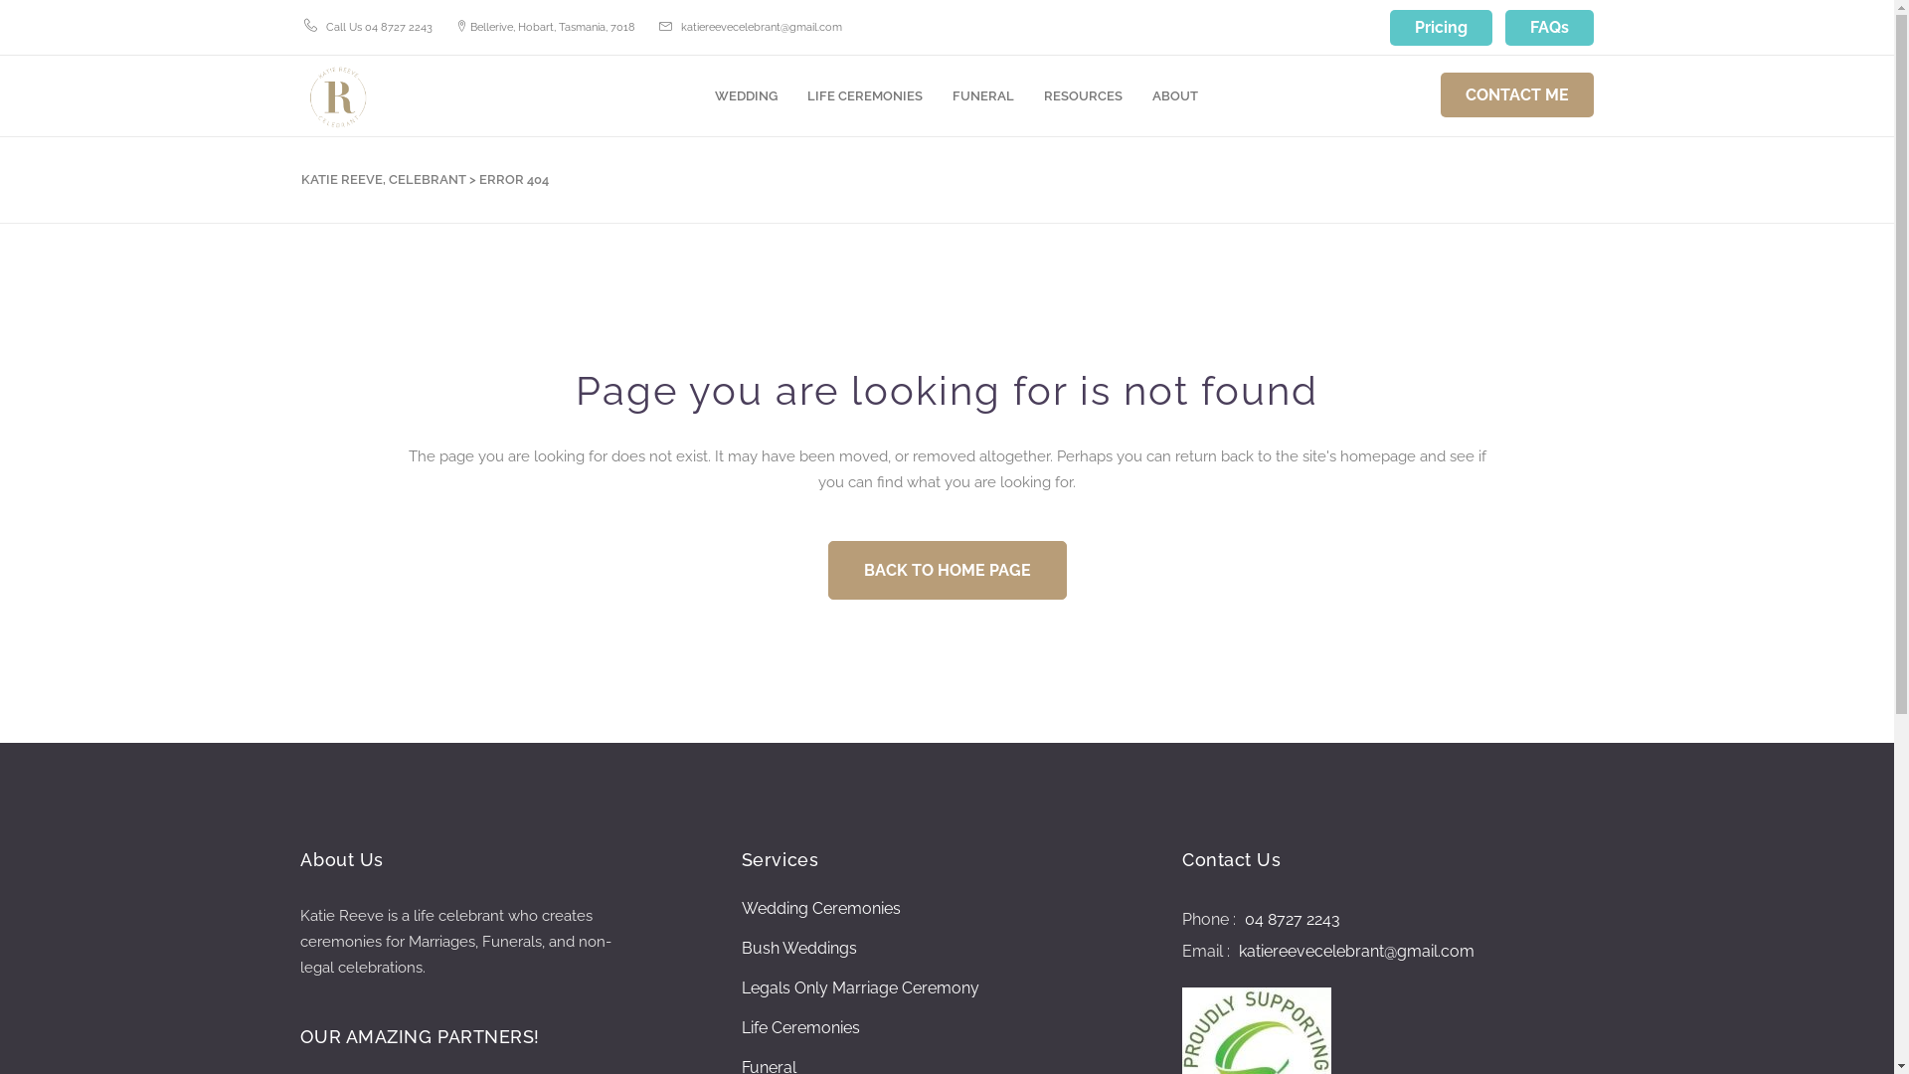 Image resolution: width=1909 pixels, height=1074 pixels. What do you see at coordinates (1441, 27) in the screenshot?
I see `'Pricing'` at bounding box center [1441, 27].